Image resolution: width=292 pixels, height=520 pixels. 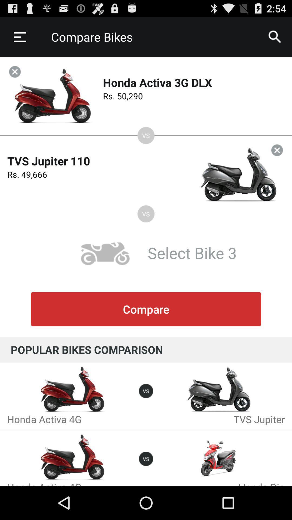 What do you see at coordinates (15, 71) in the screenshot?
I see `the page` at bounding box center [15, 71].